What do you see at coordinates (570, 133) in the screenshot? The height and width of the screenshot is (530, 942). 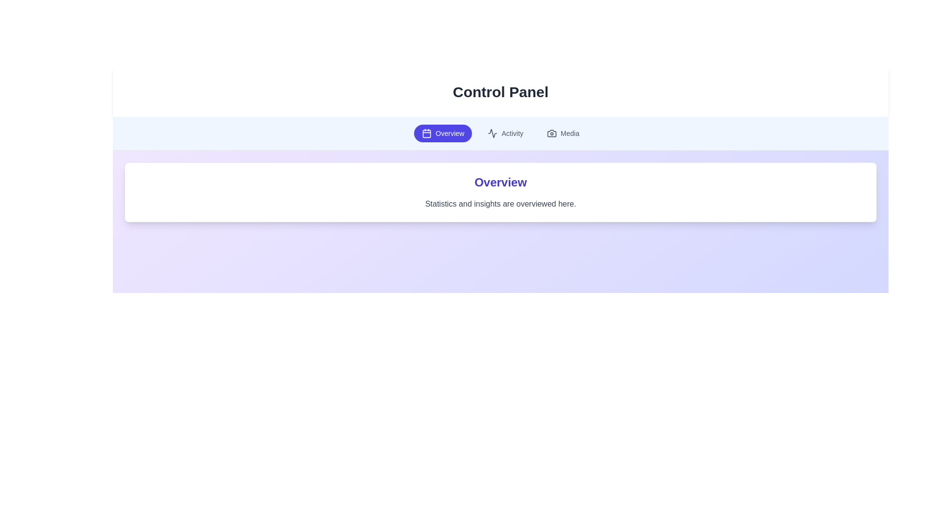 I see `the 'Media' navigation item in the Control Panel's horizontal navigation bar` at bounding box center [570, 133].